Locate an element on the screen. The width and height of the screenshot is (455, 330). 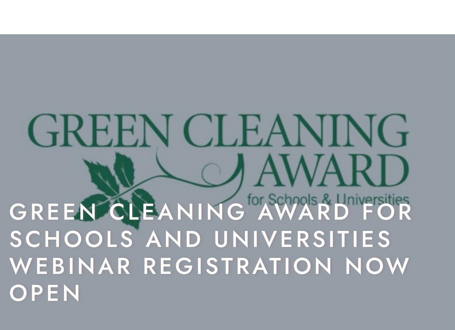
'S' is located at coordinates (11, 153).